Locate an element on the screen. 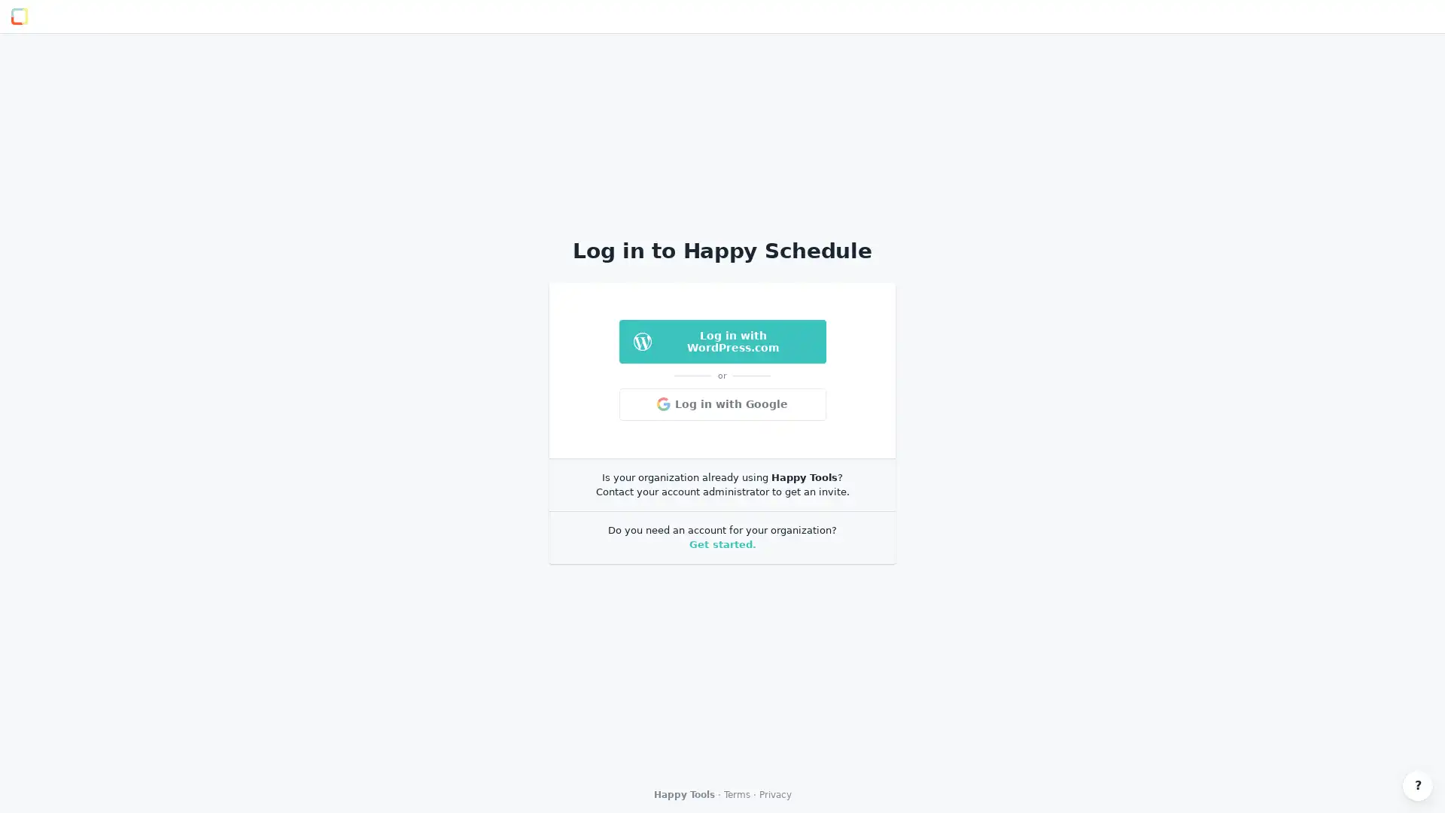 This screenshot has width=1445, height=813. Log in with Google is located at coordinates (721, 403).